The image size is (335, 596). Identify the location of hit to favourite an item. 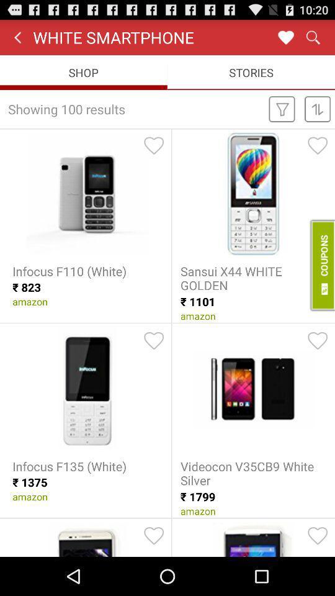
(154, 341).